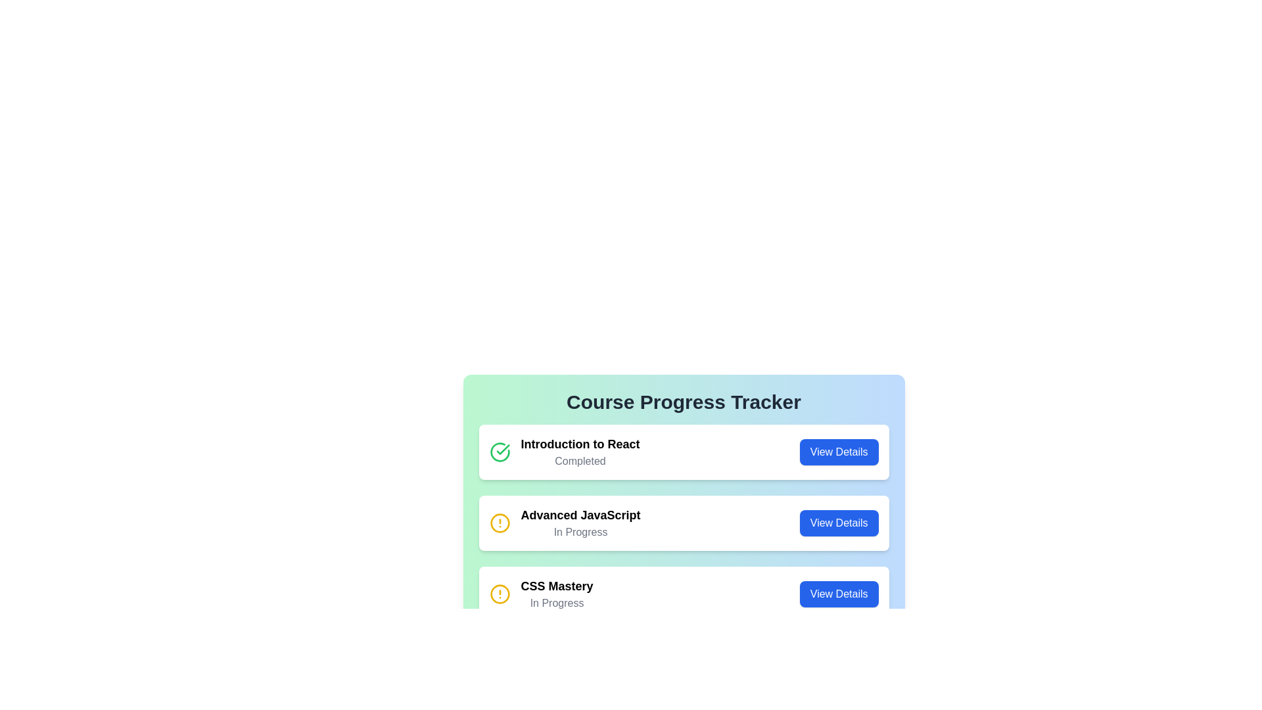 The image size is (1262, 710). What do you see at coordinates (557, 585) in the screenshot?
I see `the bold text element stating 'CSS Mastery' located in the 'Course Progress Tracker' section` at bounding box center [557, 585].